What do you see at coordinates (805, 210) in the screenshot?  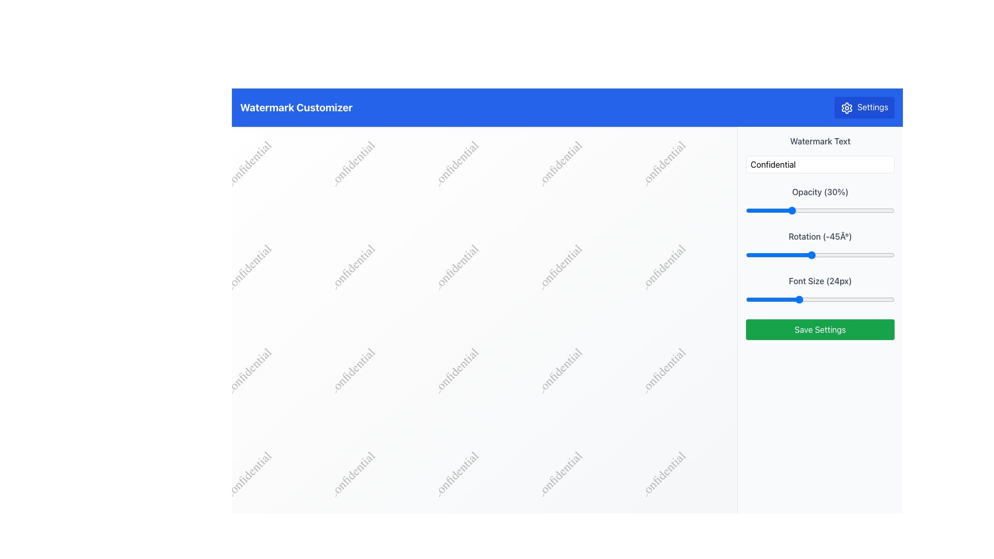 I see `the opacity` at bounding box center [805, 210].